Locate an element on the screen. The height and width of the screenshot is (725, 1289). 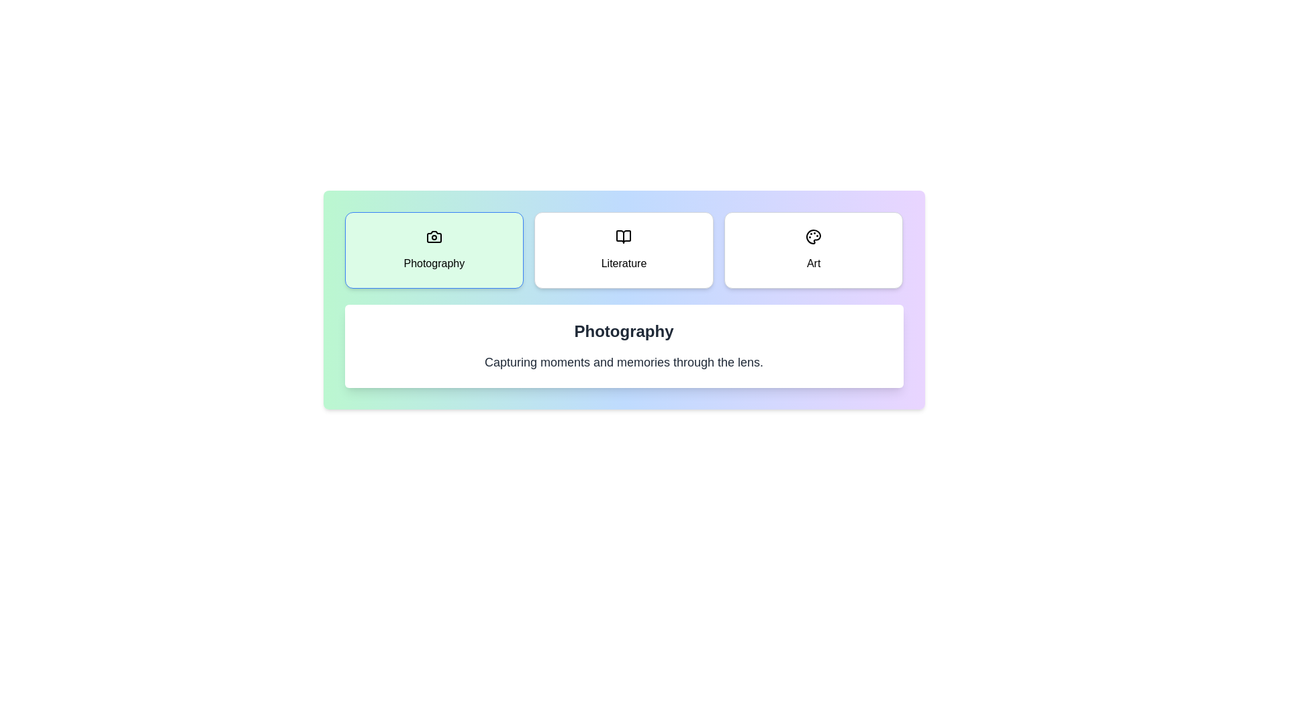
the book icon represented by minimalist line art in the center card of the SVG component is located at coordinates (623, 236).